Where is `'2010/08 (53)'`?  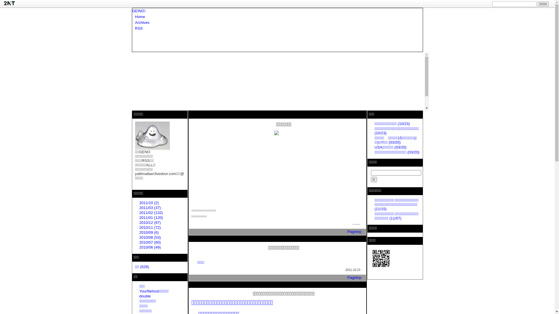 '2010/08 (53)' is located at coordinates (150, 237).